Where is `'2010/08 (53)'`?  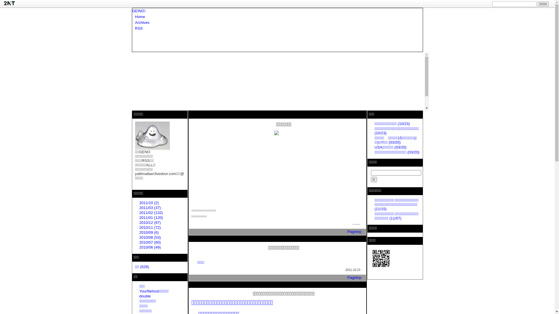 '2010/08 (53)' is located at coordinates (150, 237).